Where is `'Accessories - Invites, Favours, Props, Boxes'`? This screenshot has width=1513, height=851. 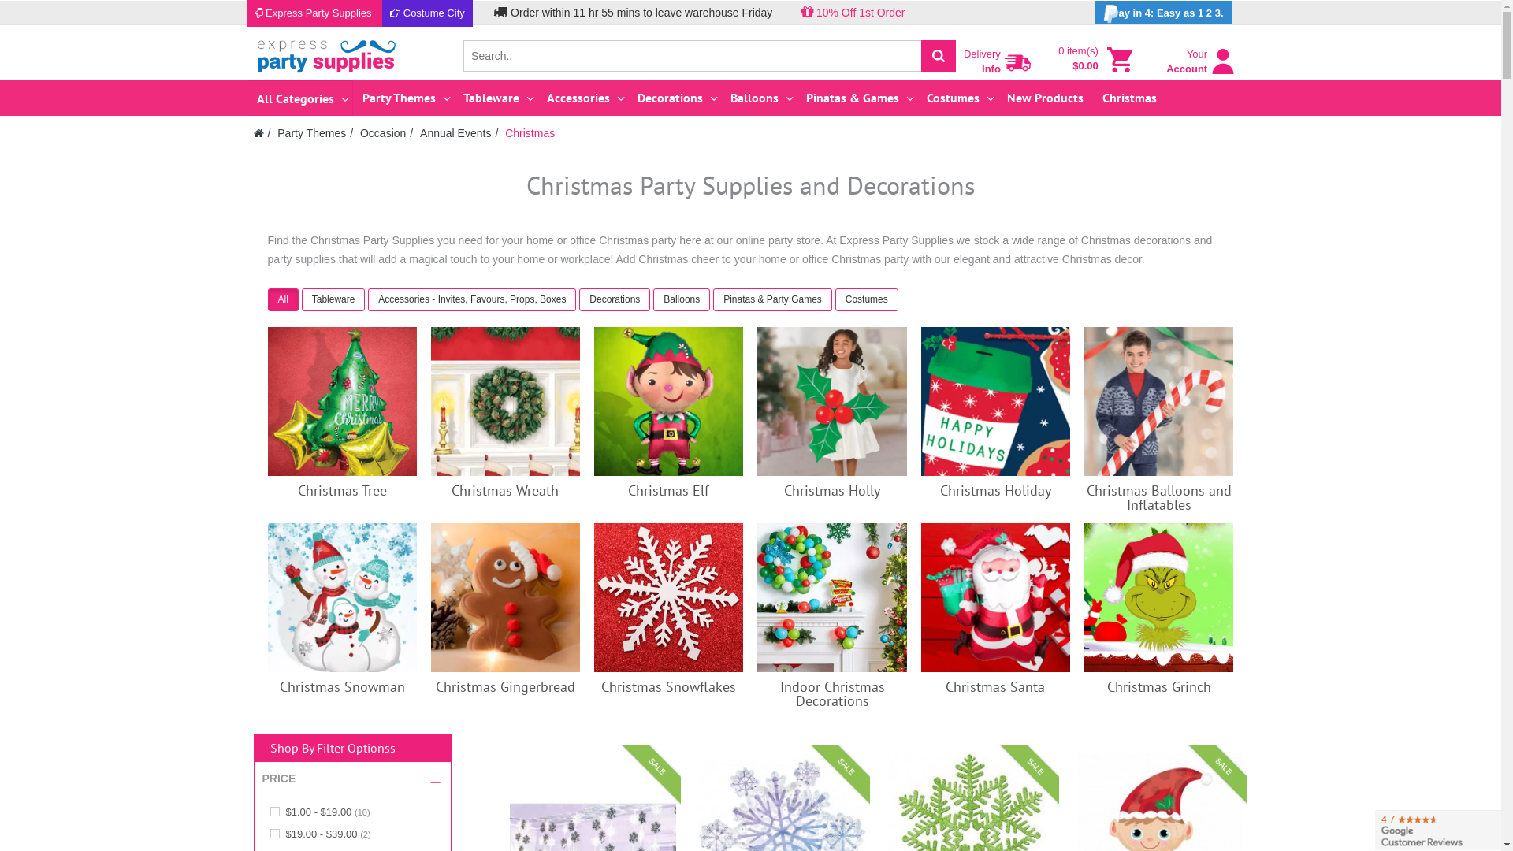 'Accessories - Invites, Favours, Props, Boxes' is located at coordinates (471, 299).